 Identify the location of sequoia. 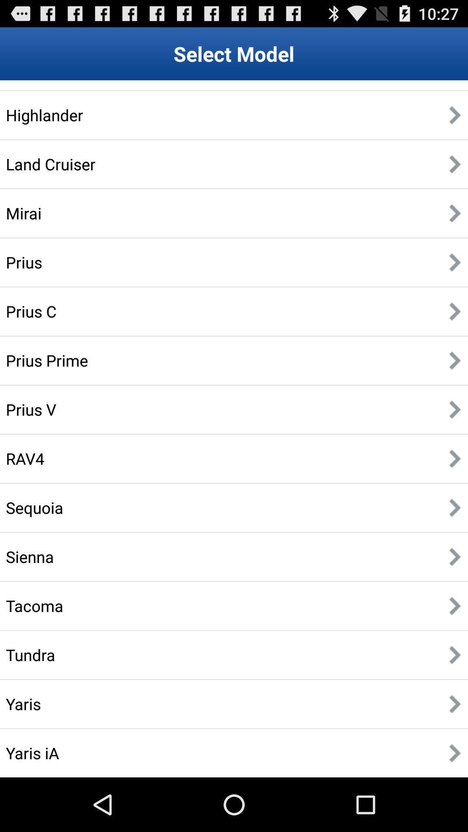
(34, 507).